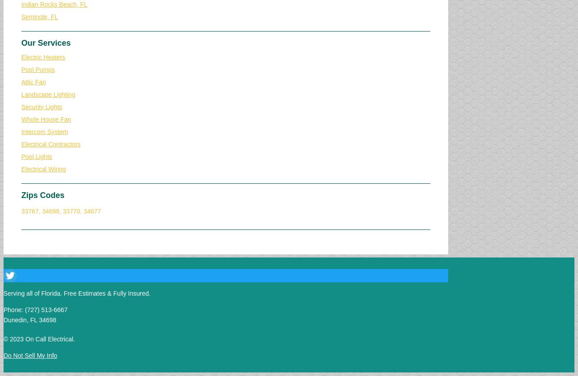 The image size is (578, 376). What do you see at coordinates (33, 320) in the screenshot?
I see `'FL'` at bounding box center [33, 320].